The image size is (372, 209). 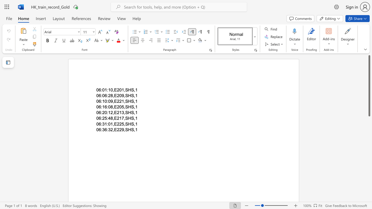 What do you see at coordinates (369, 131) in the screenshot?
I see `the scrollbar on the right to shift the page lower` at bounding box center [369, 131].